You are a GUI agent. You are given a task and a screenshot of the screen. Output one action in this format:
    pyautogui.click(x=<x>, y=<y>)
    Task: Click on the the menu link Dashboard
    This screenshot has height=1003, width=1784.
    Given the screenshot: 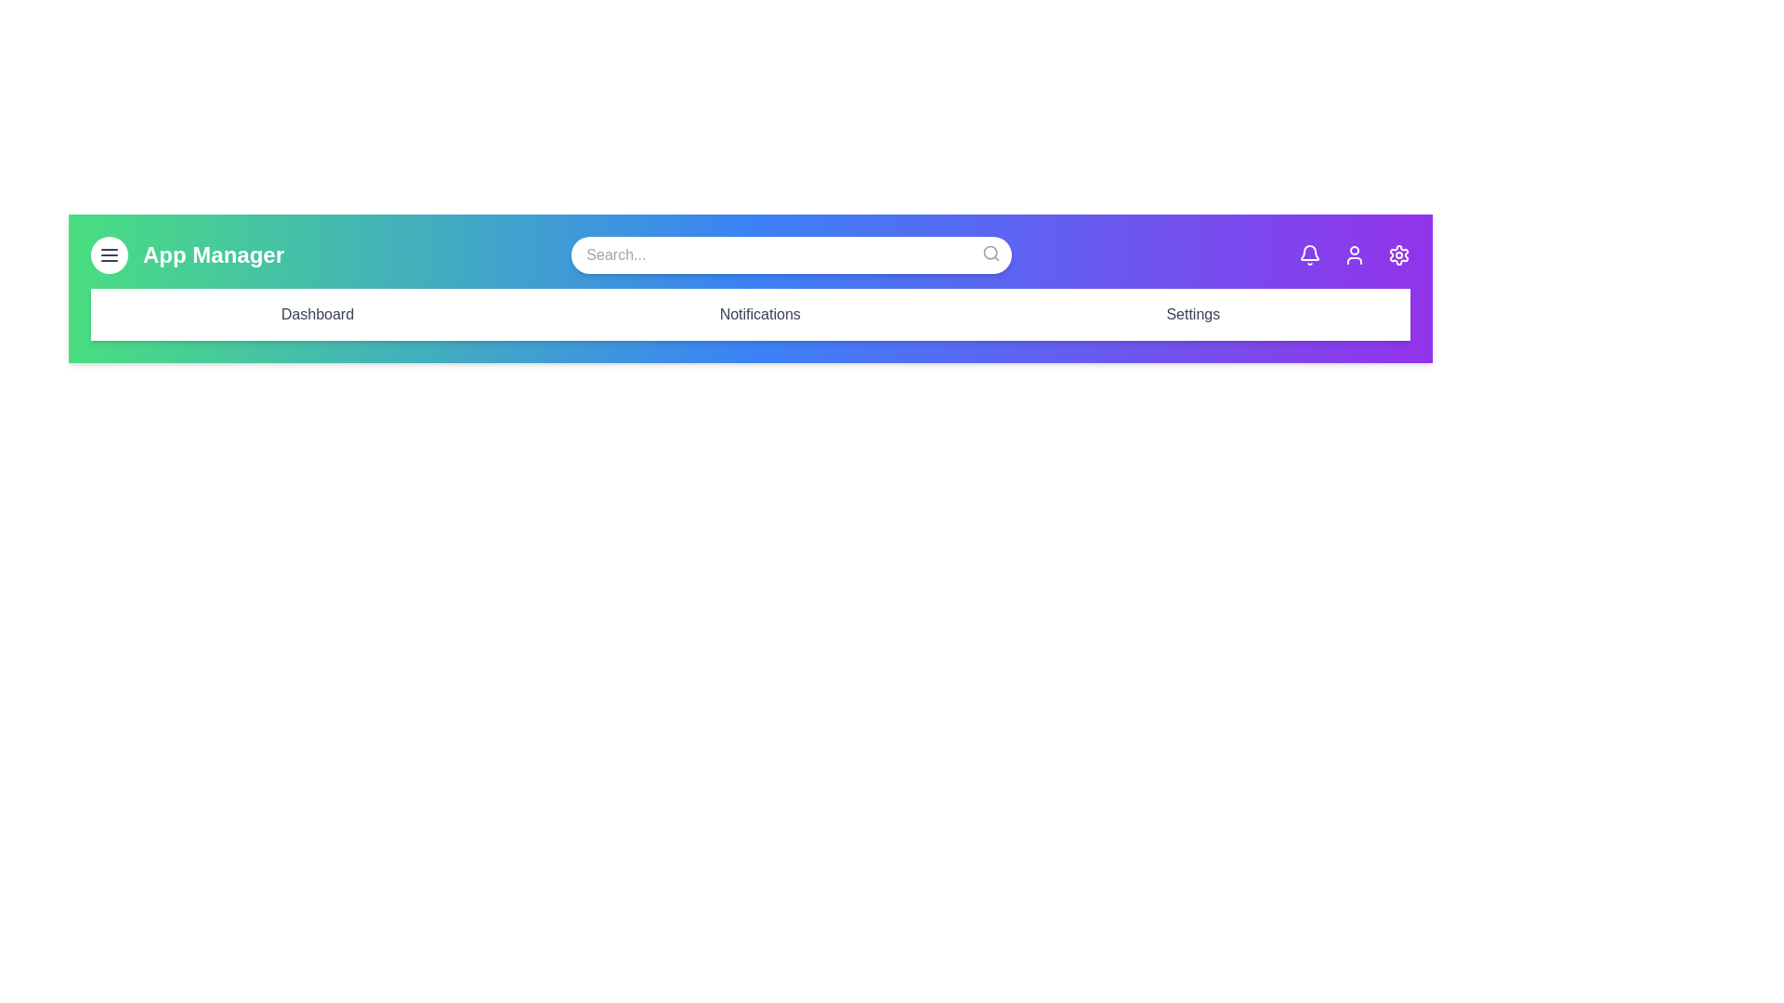 What is the action you would take?
    pyautogui.click(x=317, y=314)
    